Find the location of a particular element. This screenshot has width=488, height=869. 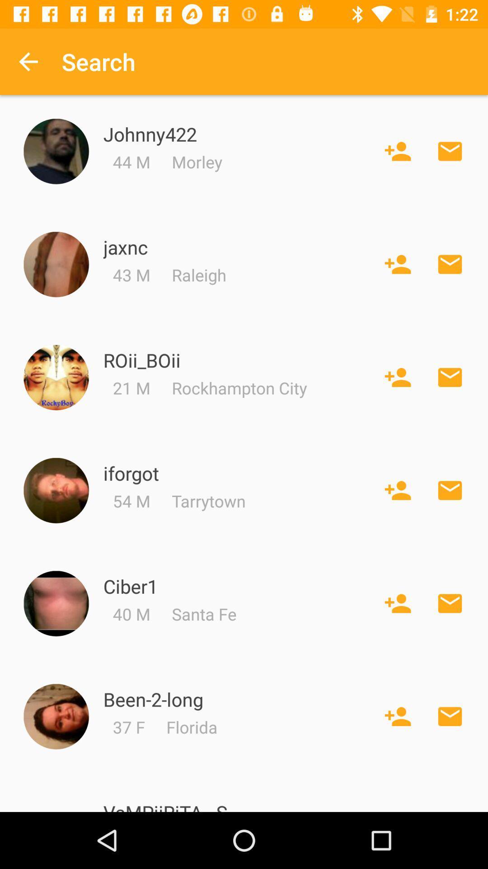

profile is located at coordinates (56, 716).